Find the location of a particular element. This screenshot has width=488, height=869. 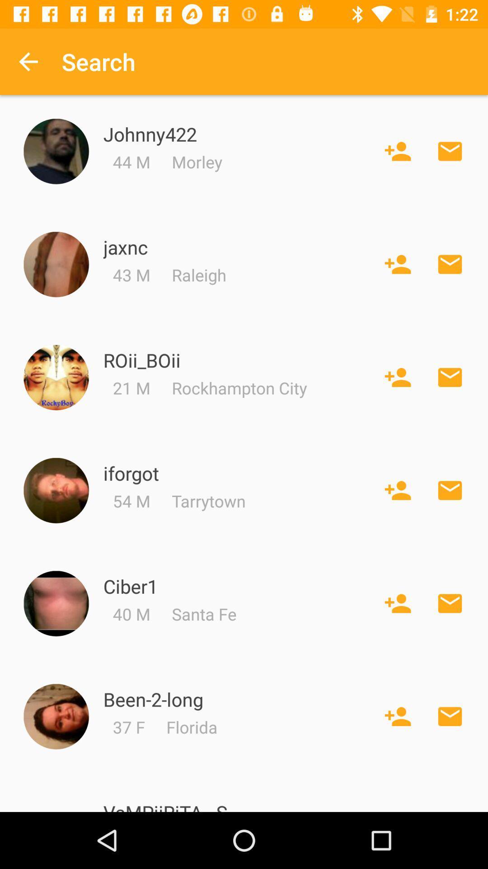

profile is located at coordinates (56, 716).